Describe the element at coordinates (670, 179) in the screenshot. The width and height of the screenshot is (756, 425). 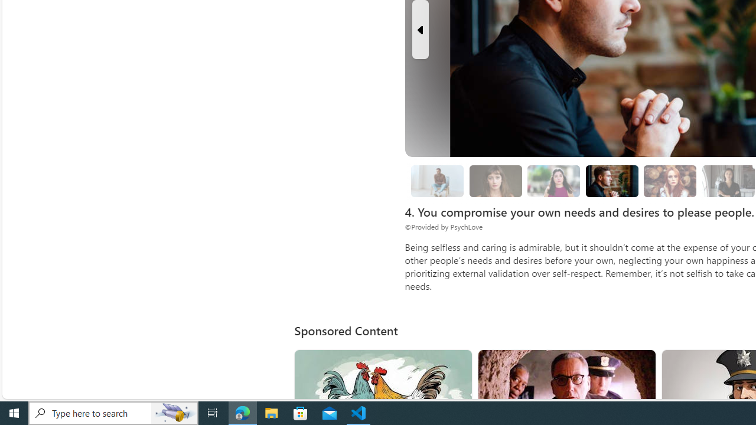
I see `'Class: progress'` at that location.